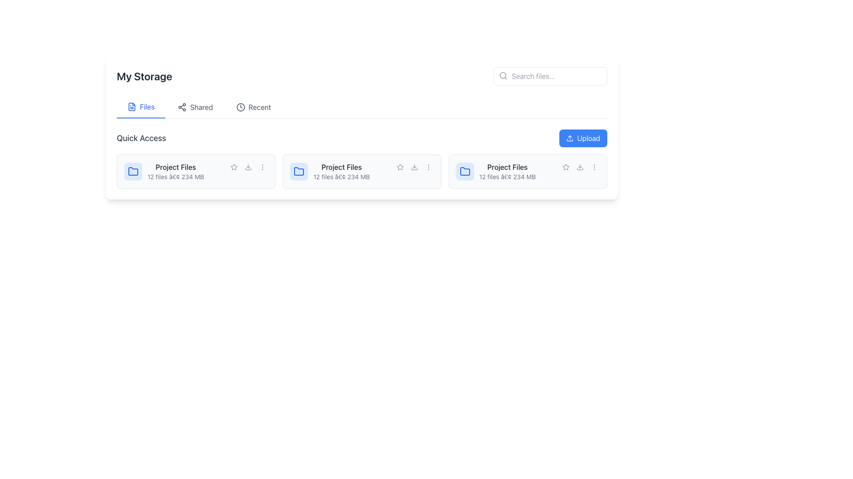 The width and height of the screenshot is (853, 479). I want to click on the 'Files' text label styled in blue, which is located in the upper central navigation bar, so click(147, 106).